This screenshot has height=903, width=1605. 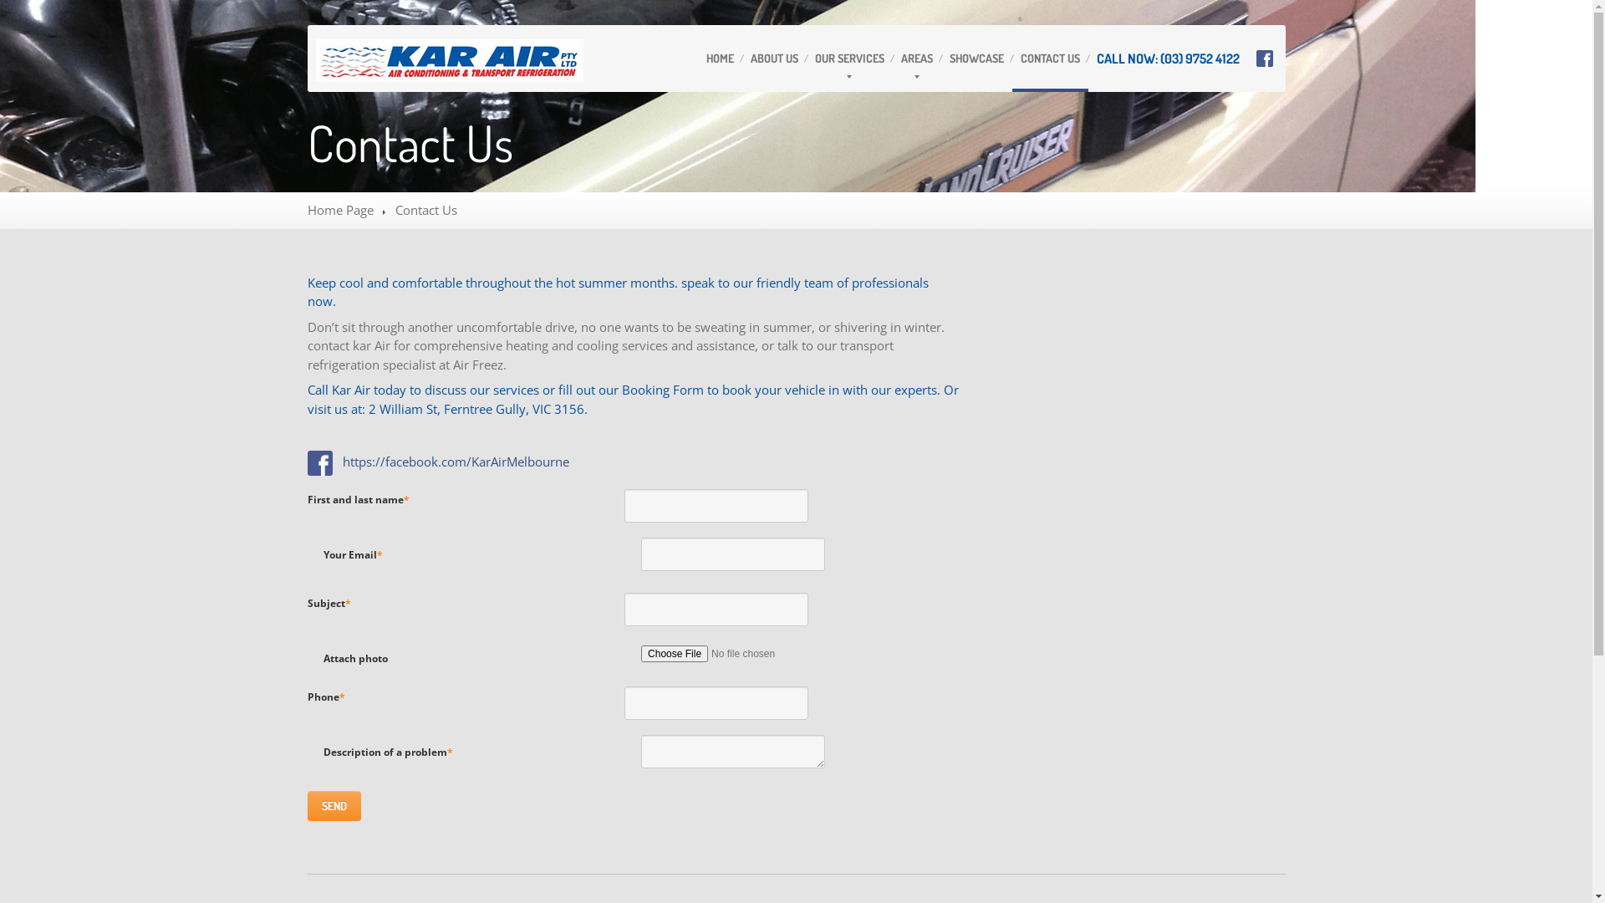 What do you see at coordinates (1048, 57) in the screenshot?
I see `'CONTACT US'` at bounding box center [1048, 57].